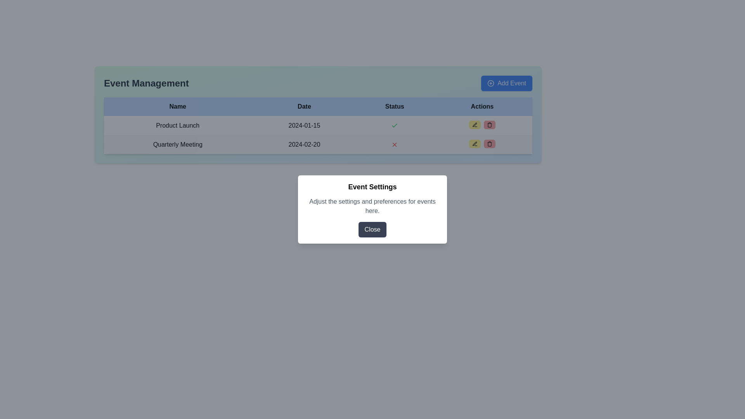 This screenshot has width=745, height=419. Describe the element at coordinates (304, 125) in the screenshot. I see `the text display element showing the date '2024-01-15' in the second column of the first row of the table under the 'Date' header` at that location.